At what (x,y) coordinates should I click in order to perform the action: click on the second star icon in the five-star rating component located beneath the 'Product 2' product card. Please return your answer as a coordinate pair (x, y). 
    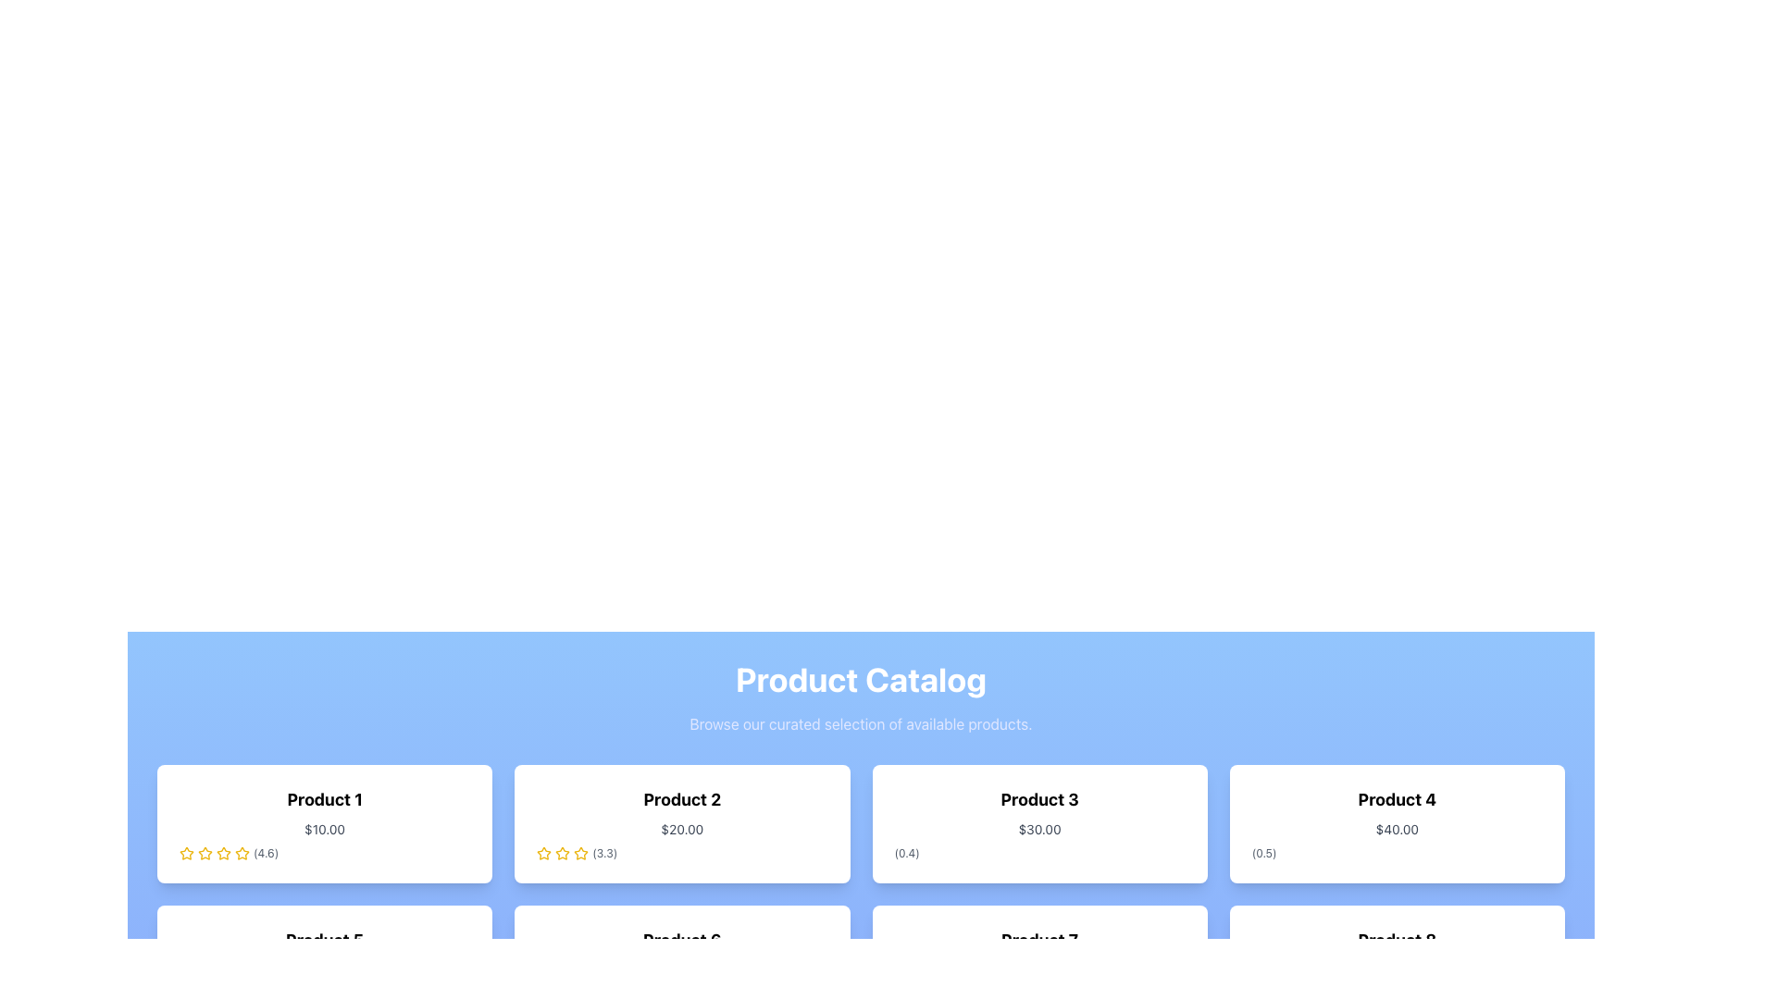
    Looking at the image, I should click on (562, 853).